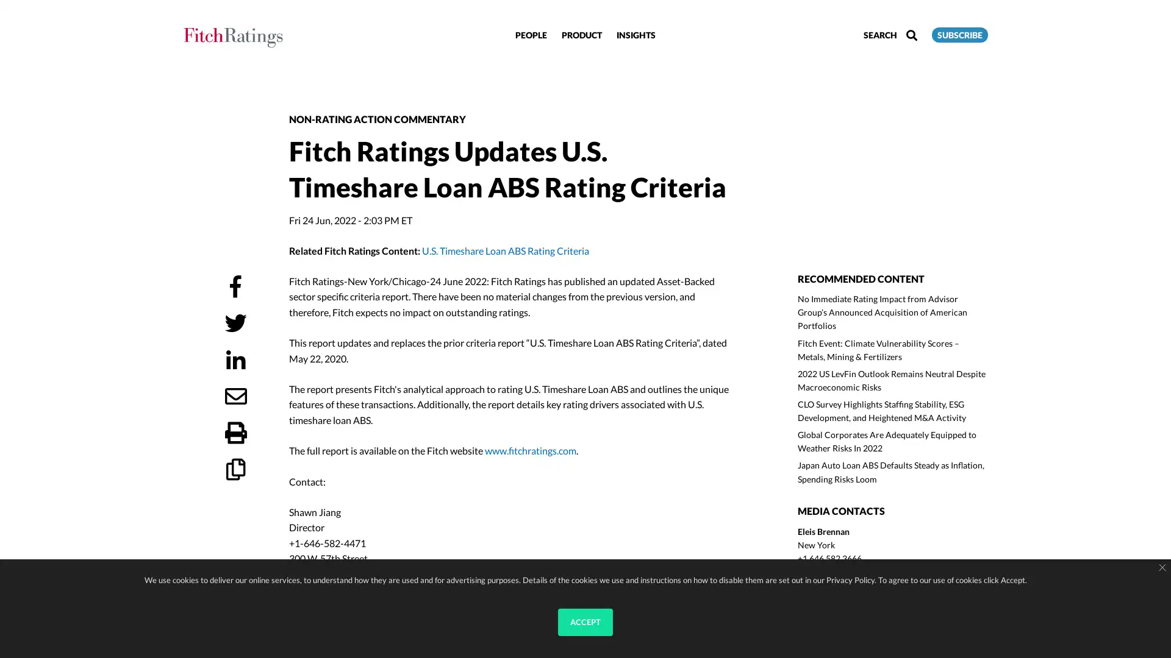 This screenshot has width=1171, height=658. What do you see at coordinates (581, 34) in the screenshot?
I see `PRODUCT` at bounding box center [581, 34].